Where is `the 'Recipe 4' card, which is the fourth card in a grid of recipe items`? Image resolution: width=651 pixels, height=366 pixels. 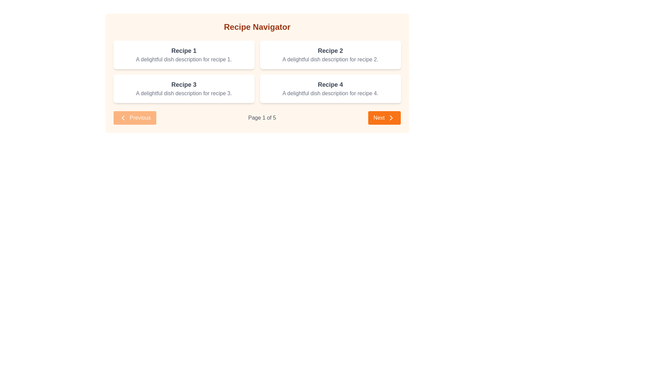
the 'Recipe 4' card, which is the fourth card in a grid of recipe items is located at coordinates (330, 88).